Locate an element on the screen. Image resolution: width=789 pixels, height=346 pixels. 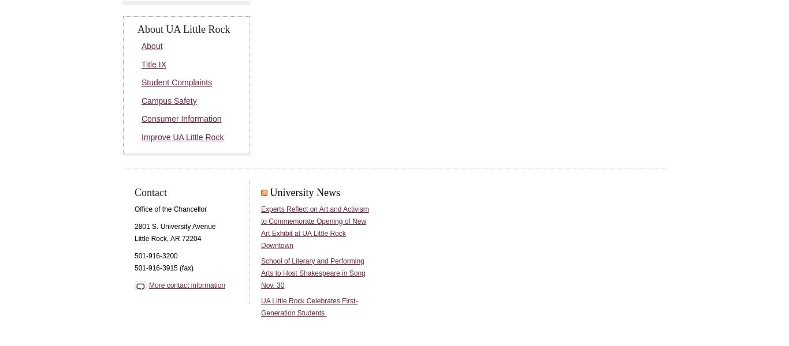
'Office of the Chancellor' is located at coordinates (170, 208).